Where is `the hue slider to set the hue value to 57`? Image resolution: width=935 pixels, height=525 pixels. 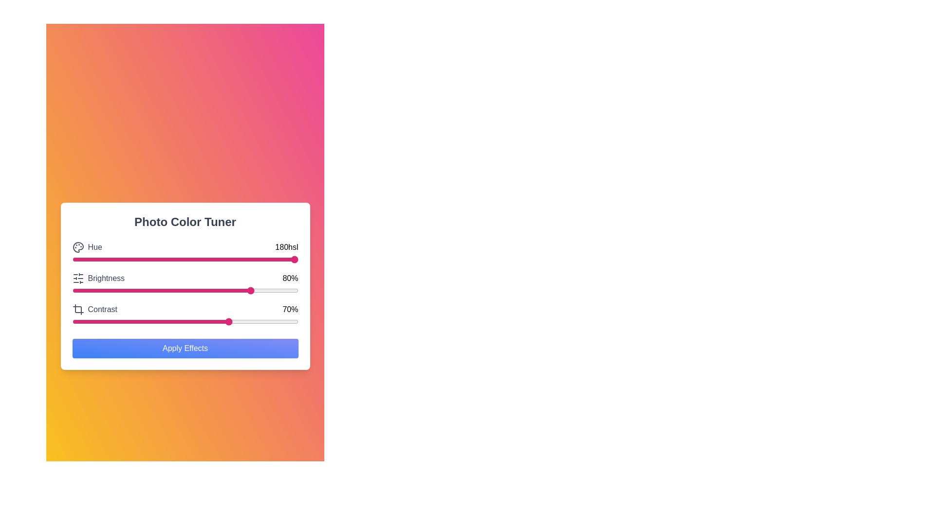
the hue slider to set the hue value to 57 is located at coordinates (200, 259).